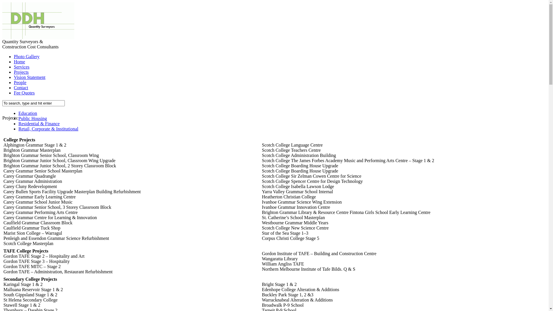  I want to click on 'Contact', so click(21, 88).